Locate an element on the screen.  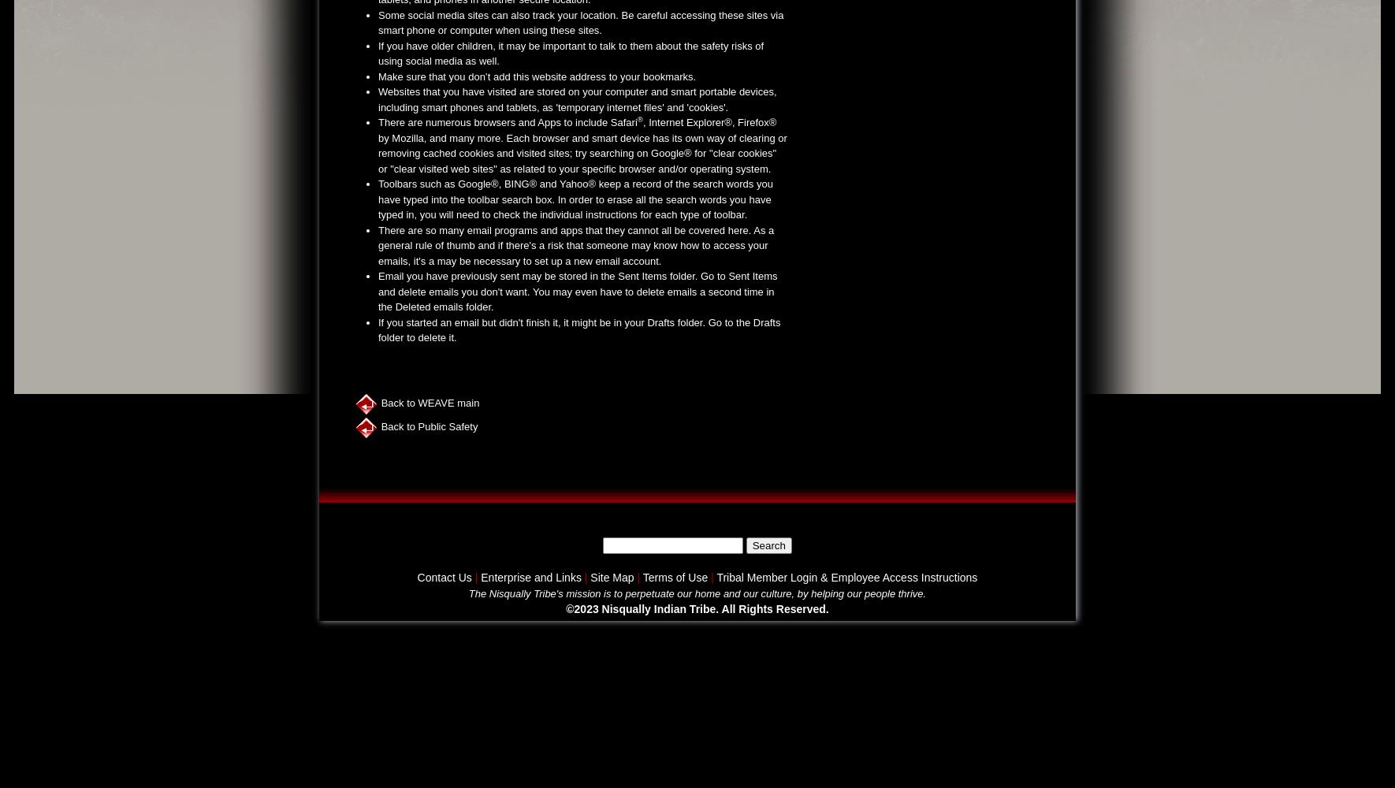
'Some social media sites can also track your location. Be careful accessing these sites via smart phone or computer when using these sites.' is located at coordinates (378, 22).